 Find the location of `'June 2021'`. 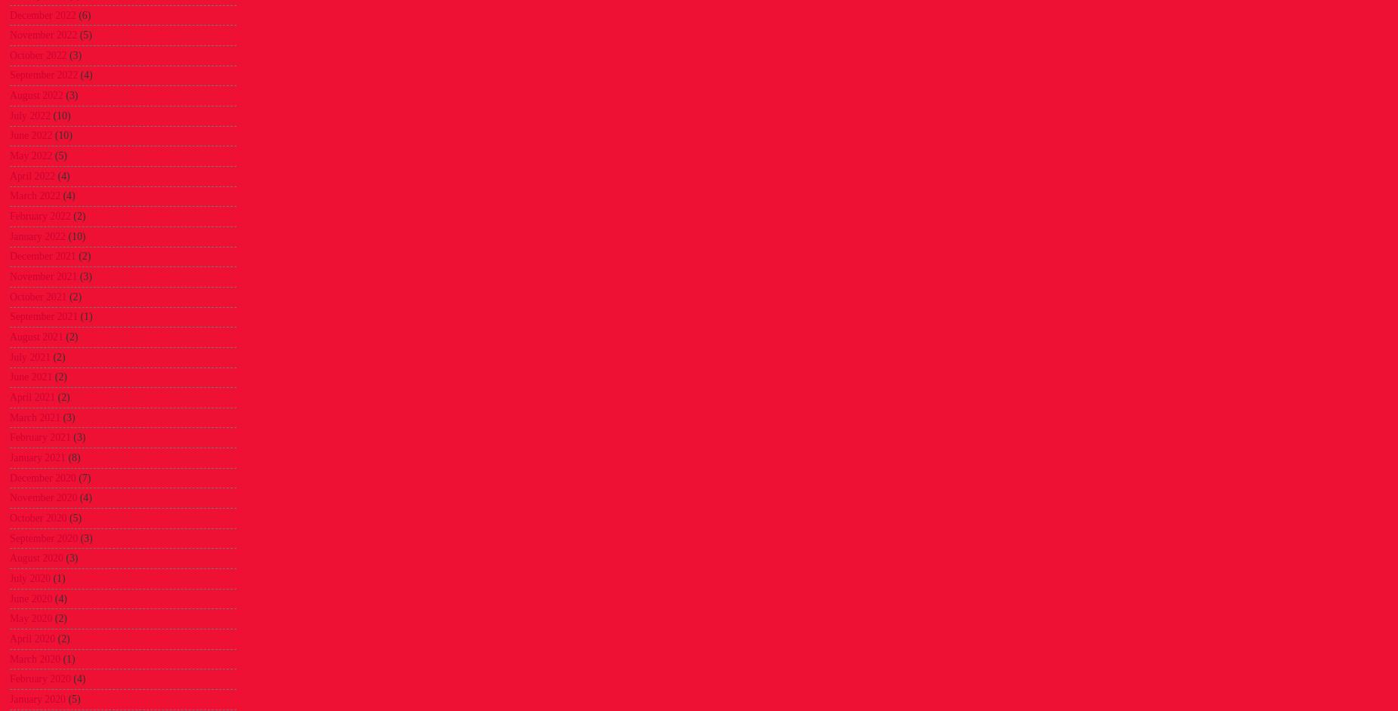

'June 2021' is located at coordinates (30, 377).